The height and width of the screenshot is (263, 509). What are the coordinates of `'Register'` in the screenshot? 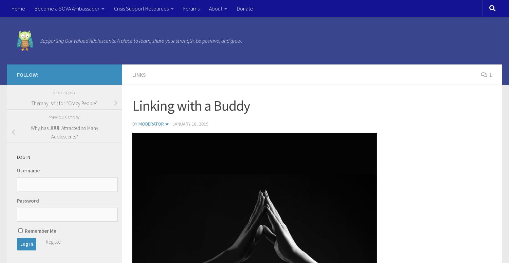 It's located at (46, 241).